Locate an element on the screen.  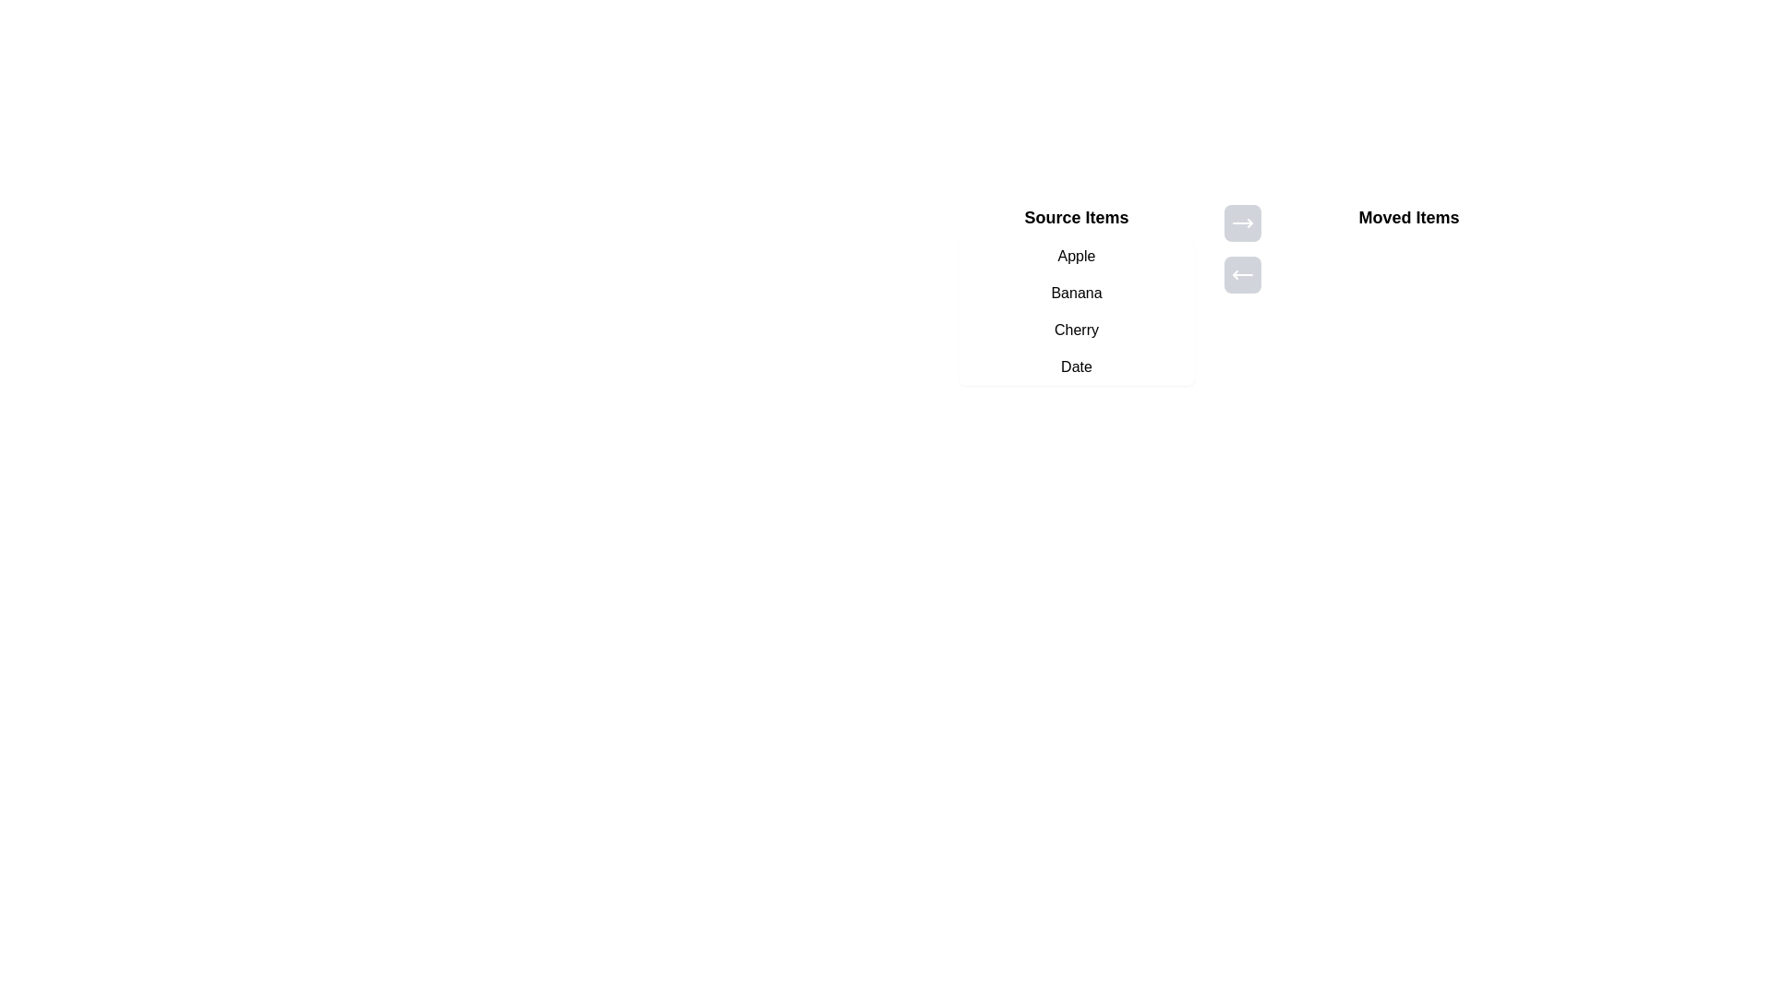
the 'Date' option button, which is the fourth item in the 'Source Items' list is located at coordinates (1077, 366).